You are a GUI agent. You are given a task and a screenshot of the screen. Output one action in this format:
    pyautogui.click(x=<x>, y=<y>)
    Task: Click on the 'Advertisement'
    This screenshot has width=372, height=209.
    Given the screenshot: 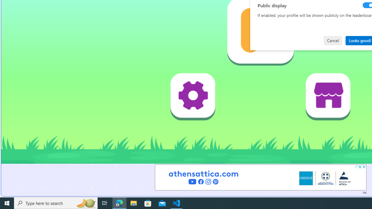 What is the action you would take?
    pyautogui.click(x=260, y=177)
    